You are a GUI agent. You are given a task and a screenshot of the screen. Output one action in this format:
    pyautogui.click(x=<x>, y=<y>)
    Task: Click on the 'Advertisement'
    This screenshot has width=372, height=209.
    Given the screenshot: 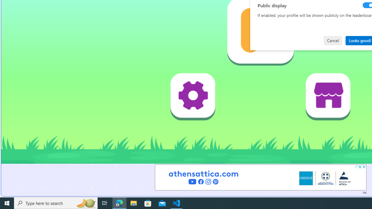 What is the action you would take?
    pyautogui.click(x=260, y=177)
    